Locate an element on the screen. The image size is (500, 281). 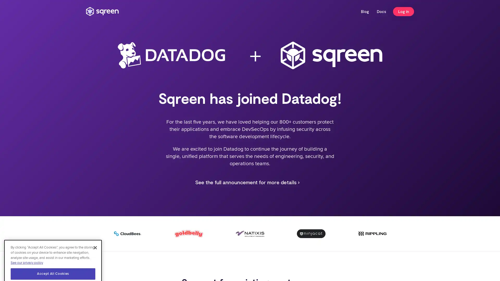
Close is located at coordinates (95, 221).